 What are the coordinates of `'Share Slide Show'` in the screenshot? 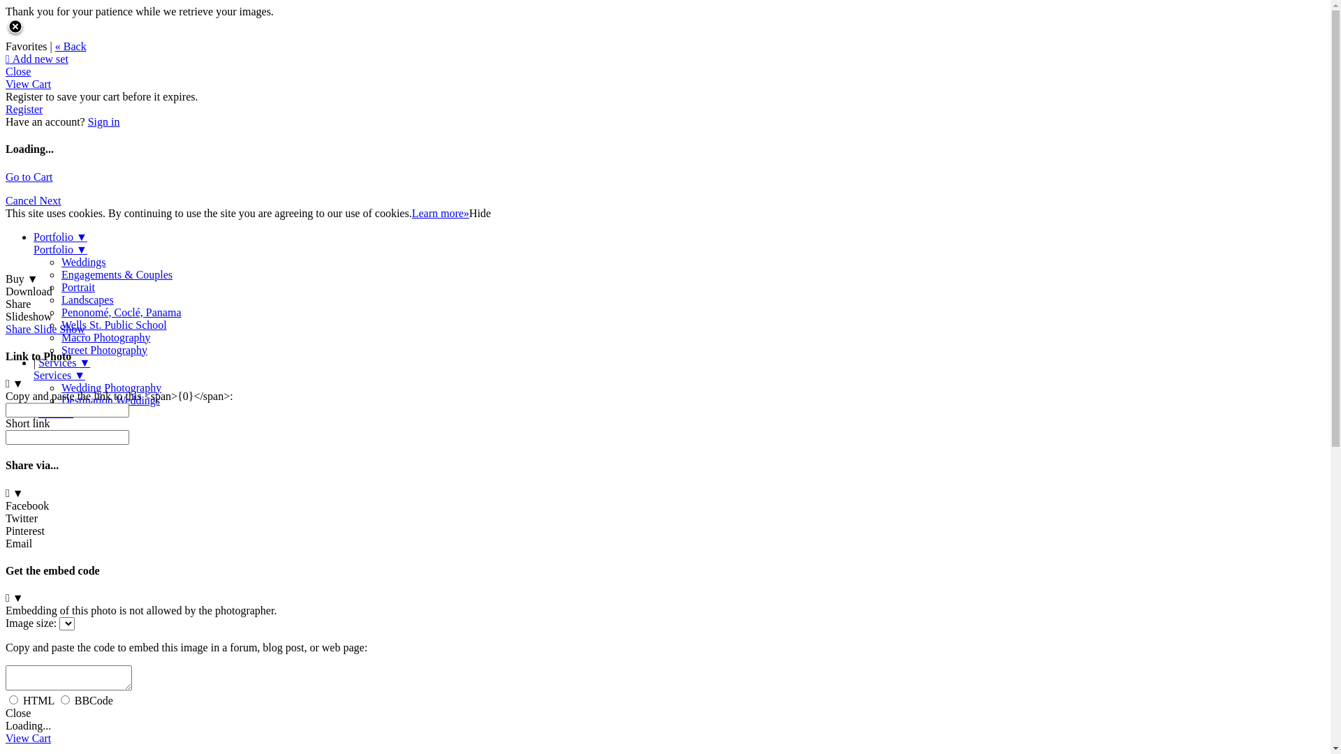 It's located at (45, 329).